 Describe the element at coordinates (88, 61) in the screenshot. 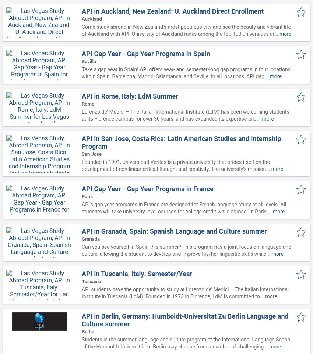

I see `'Sevilla'` at that location.